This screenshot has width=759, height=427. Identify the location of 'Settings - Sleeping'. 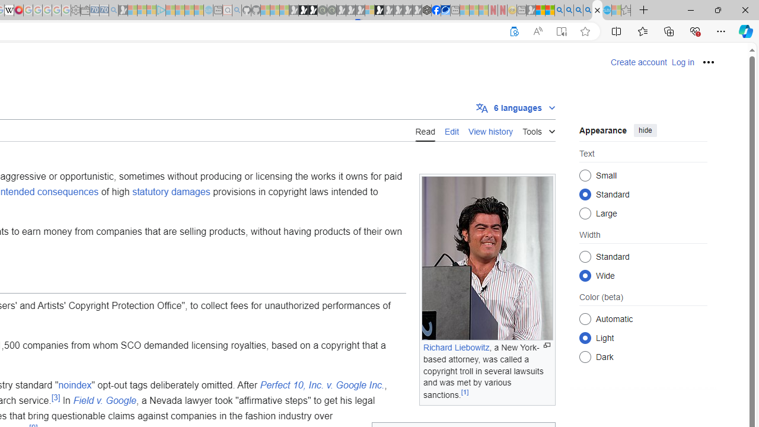
(75, 10).